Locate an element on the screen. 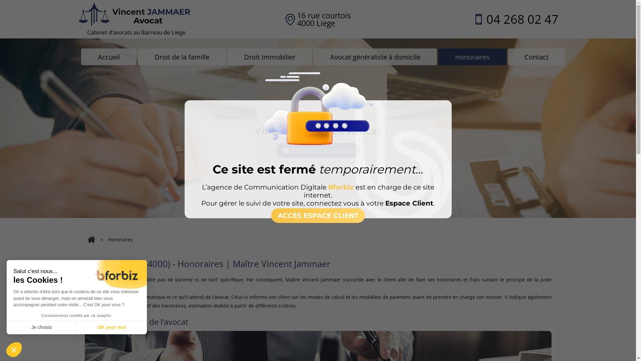  'Droit de la famille' is located at coordinates (181, 56).